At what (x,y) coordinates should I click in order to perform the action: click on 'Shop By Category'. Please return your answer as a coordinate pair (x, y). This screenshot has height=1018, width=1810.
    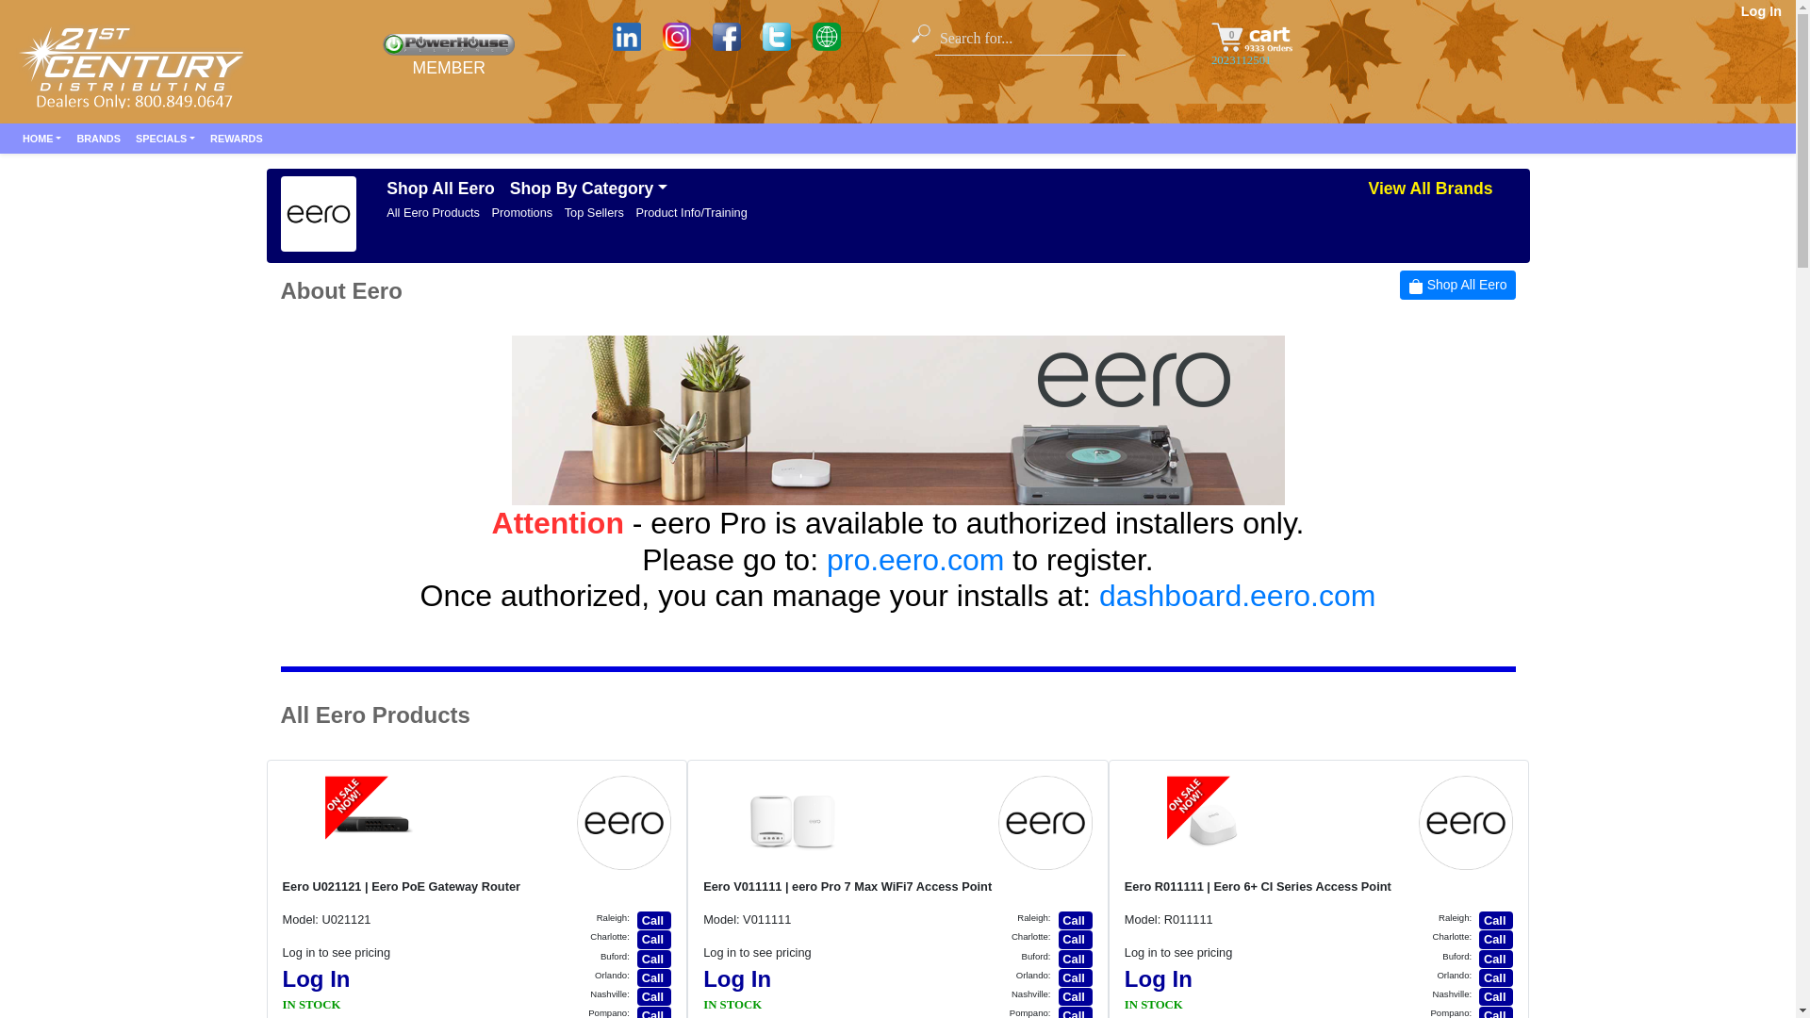
    Looking at the image, I should click on (587, 189).